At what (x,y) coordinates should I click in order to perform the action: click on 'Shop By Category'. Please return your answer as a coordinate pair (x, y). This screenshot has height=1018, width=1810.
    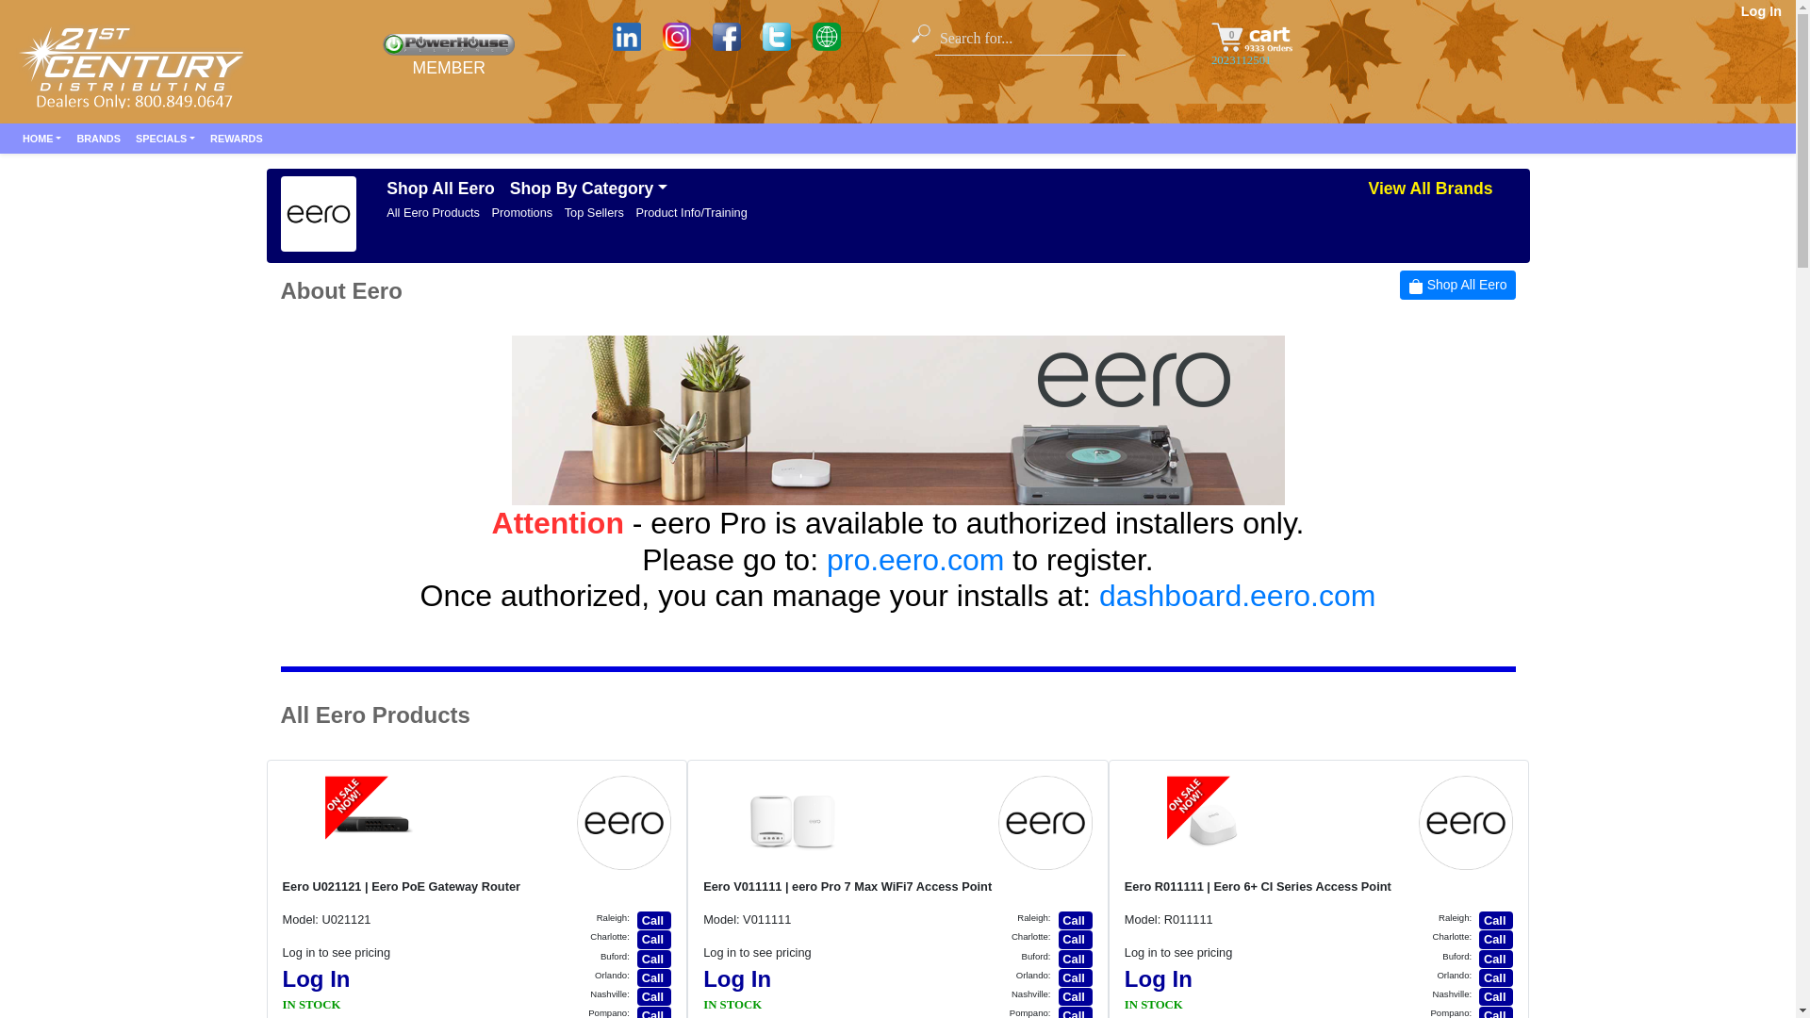
    Looking at the image, I should click on (587, 189).